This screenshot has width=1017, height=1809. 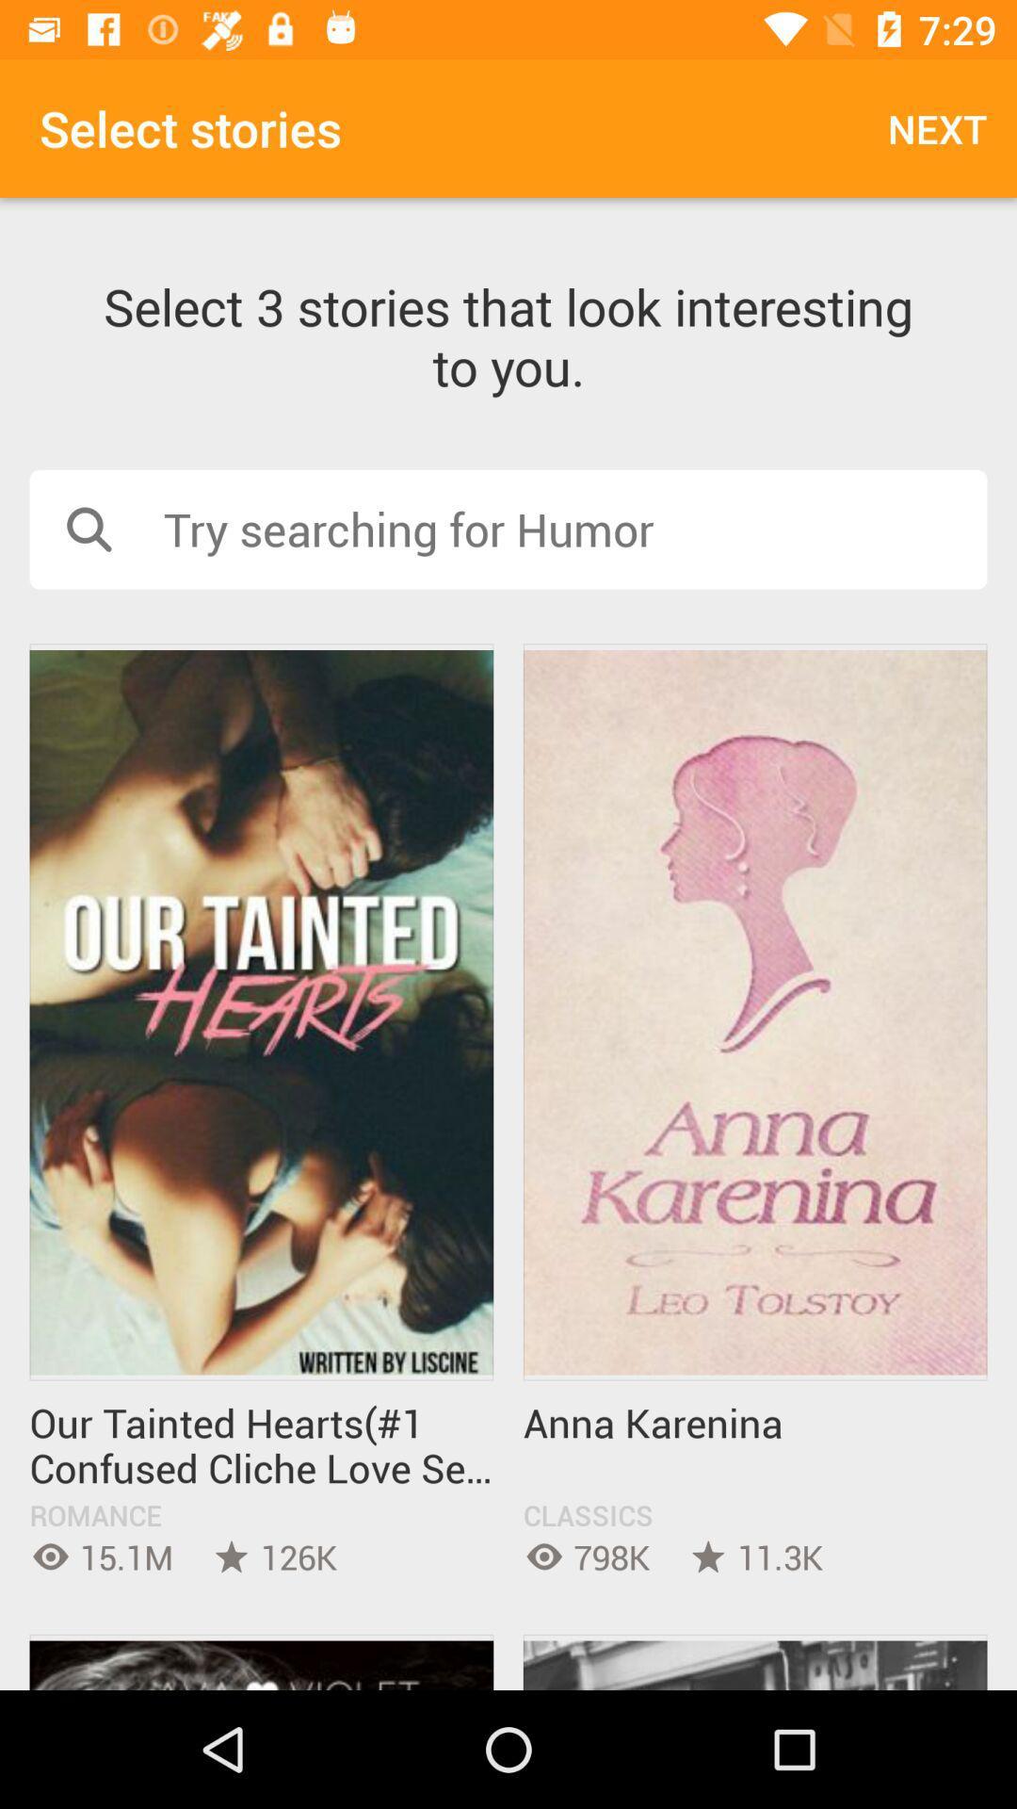 What do you see at coordinates (937, 127) in the screenshot?
I see `item above the select 3 stories item` at bounding box center [937, 127].